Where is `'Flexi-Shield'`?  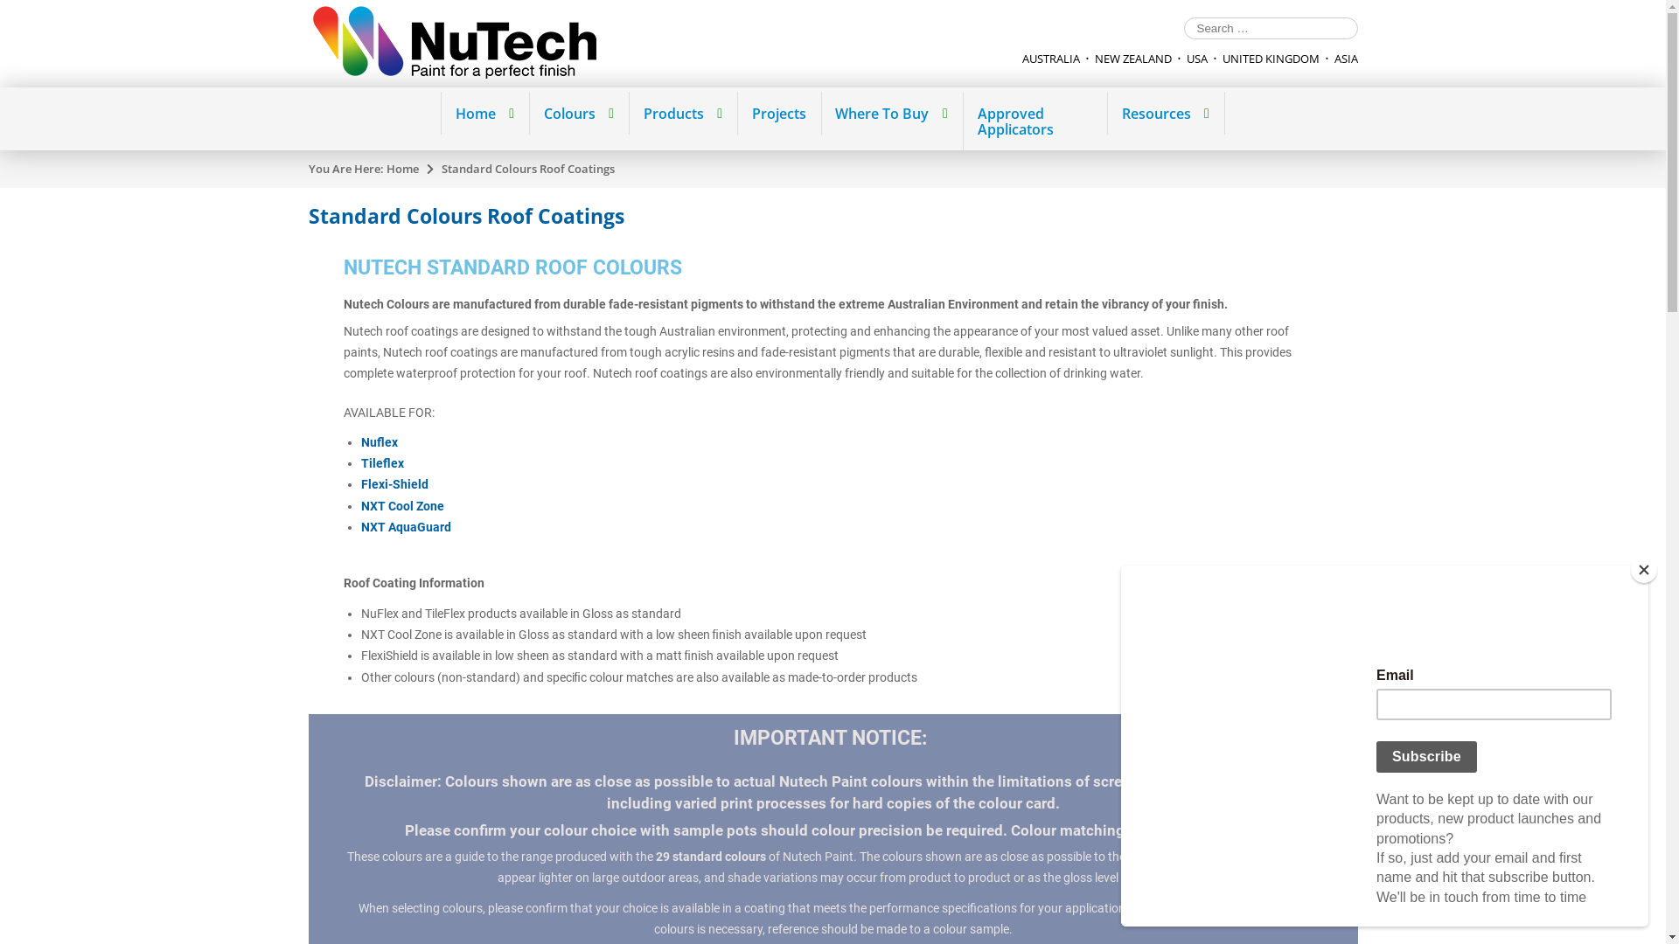 'Flexi-Shield' is located at coordinates (393, 484).